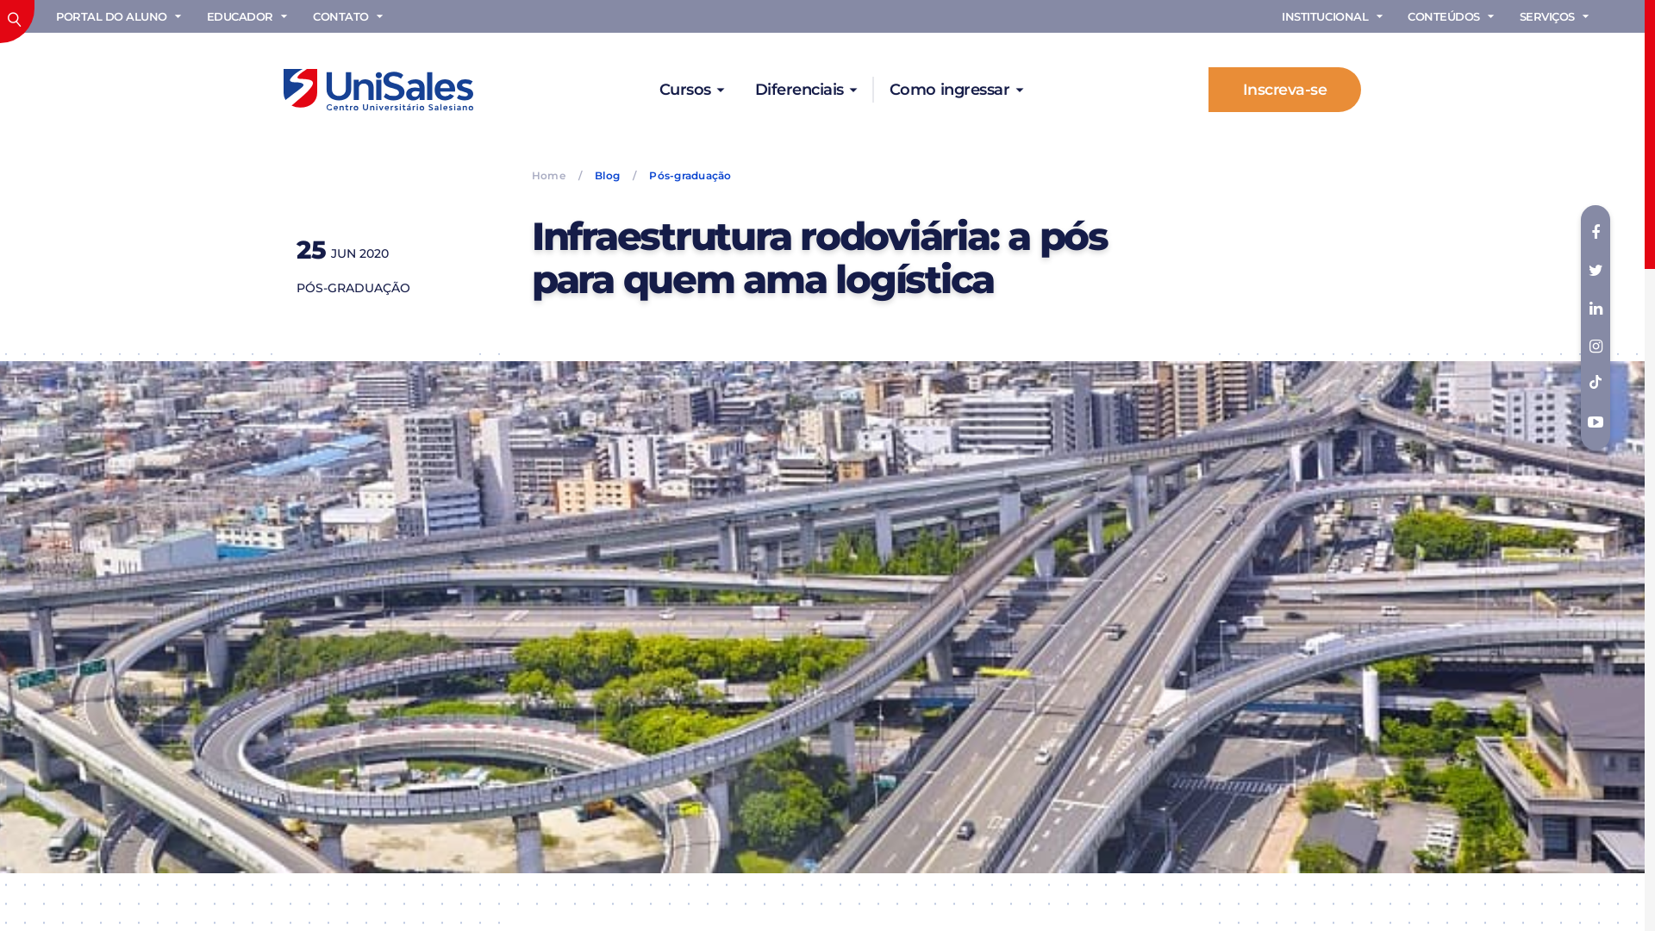  I want to click on 'Facebook', so click(1580, 233).